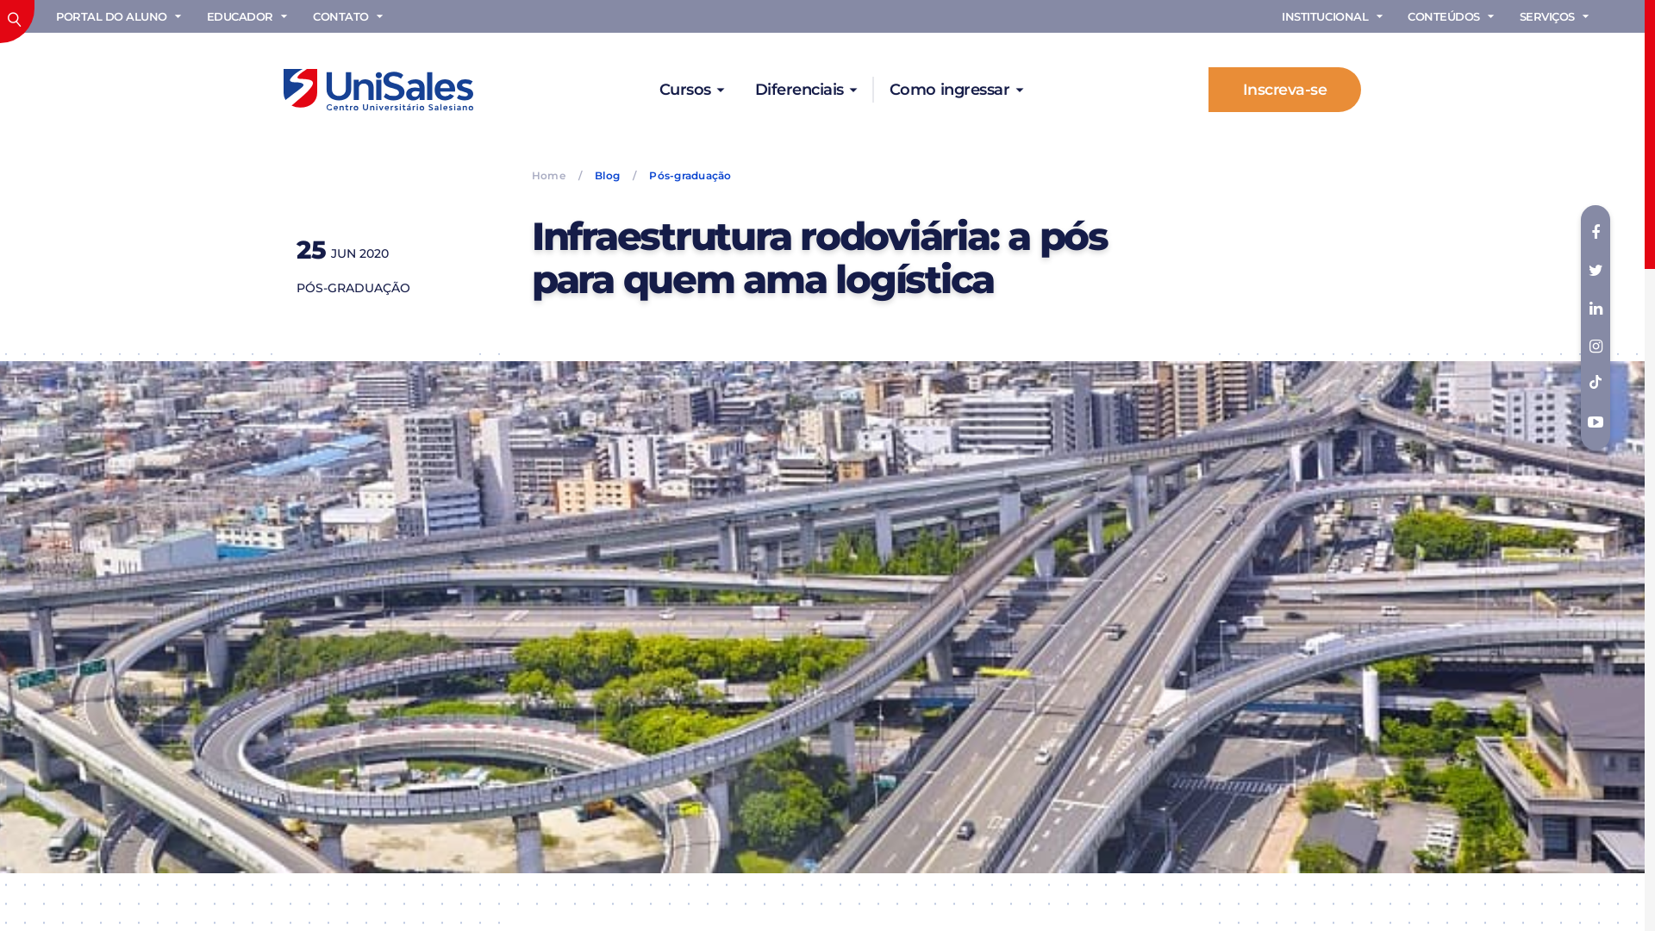  I want to click on 'Facebook', so click(1580, 233).